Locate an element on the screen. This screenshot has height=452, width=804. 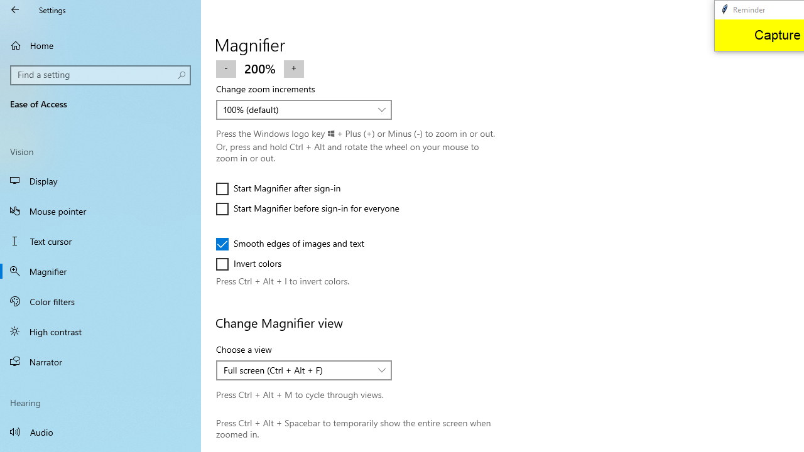
'Audio' is located at coordinates (100, 431).